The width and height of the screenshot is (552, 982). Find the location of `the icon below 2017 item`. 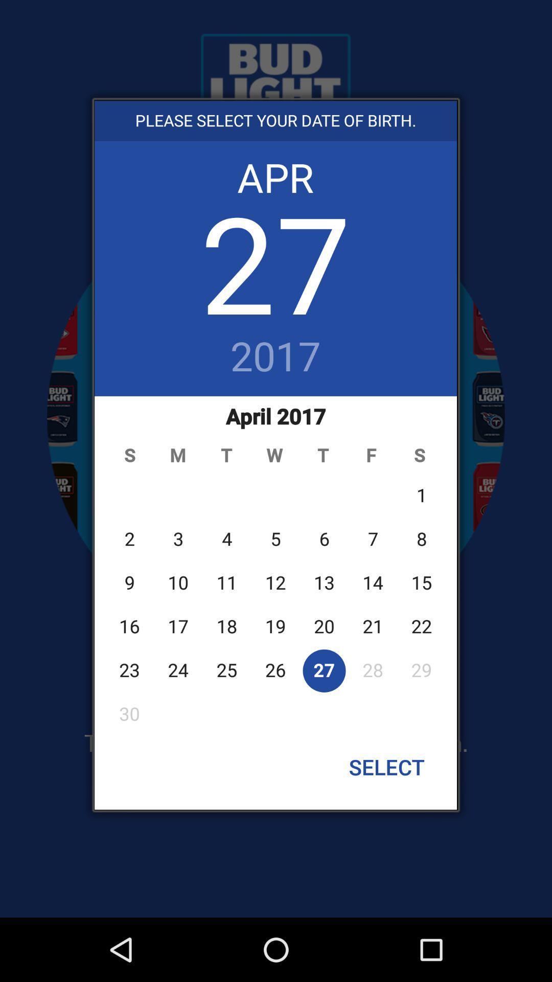

the icon below 2017 item is located at coordinates (275, 565).